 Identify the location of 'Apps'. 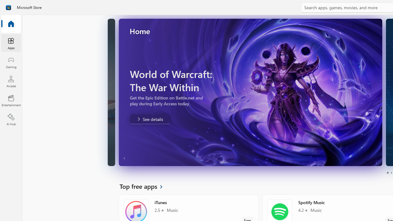
(11, 43).